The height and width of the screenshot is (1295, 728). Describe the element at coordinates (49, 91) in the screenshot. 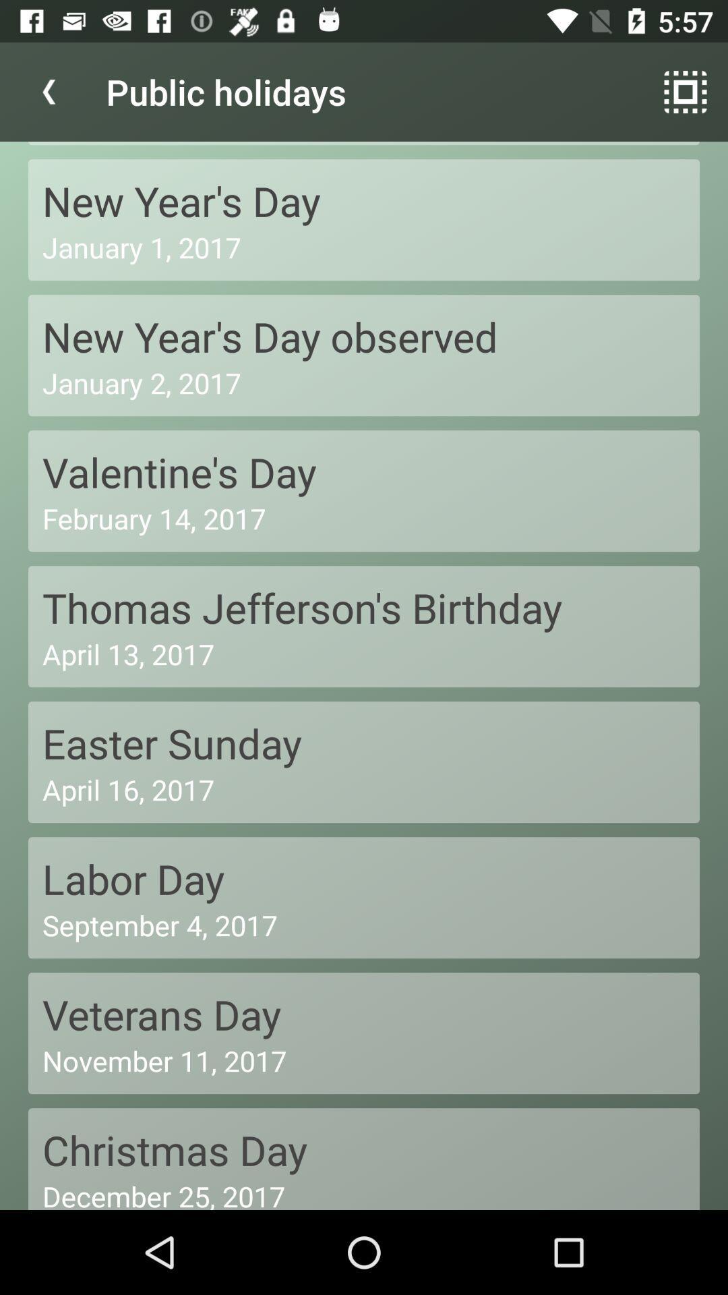

I see `app to the left of the public holidays icon` at that location.